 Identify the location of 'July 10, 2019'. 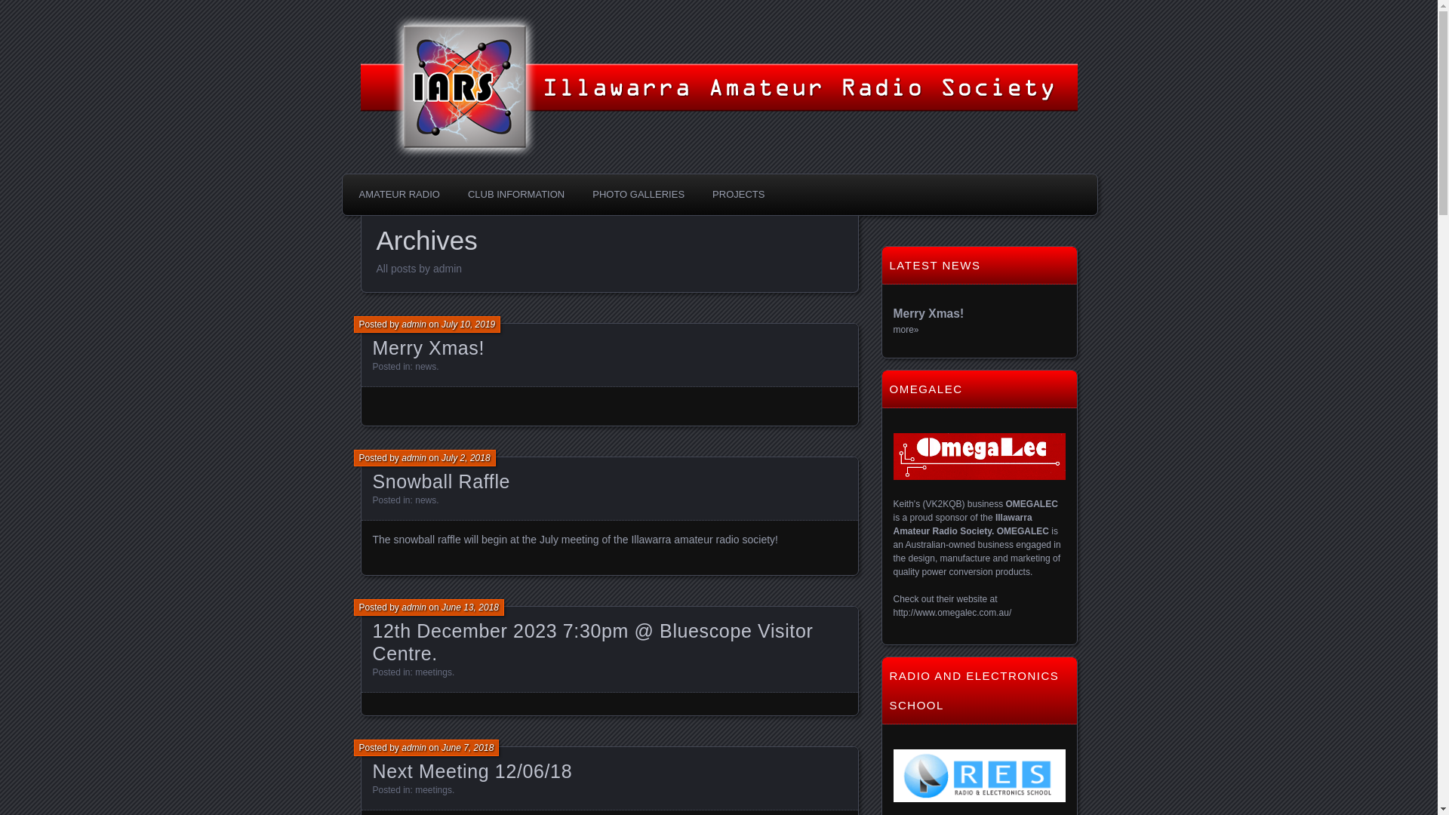
(441, 323).